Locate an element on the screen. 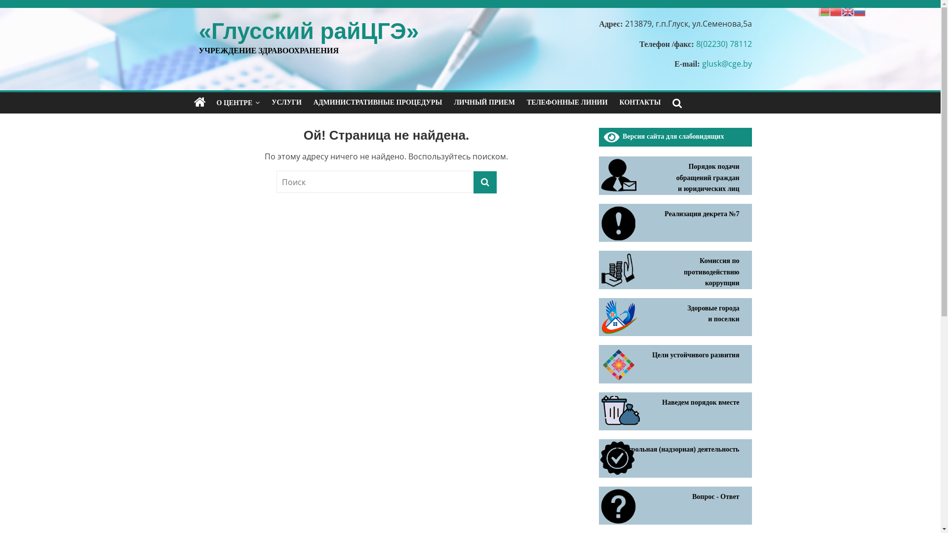 This screenshot has width=948, height=533. '8(02230) 78112' is located at coordinates (724, 43).